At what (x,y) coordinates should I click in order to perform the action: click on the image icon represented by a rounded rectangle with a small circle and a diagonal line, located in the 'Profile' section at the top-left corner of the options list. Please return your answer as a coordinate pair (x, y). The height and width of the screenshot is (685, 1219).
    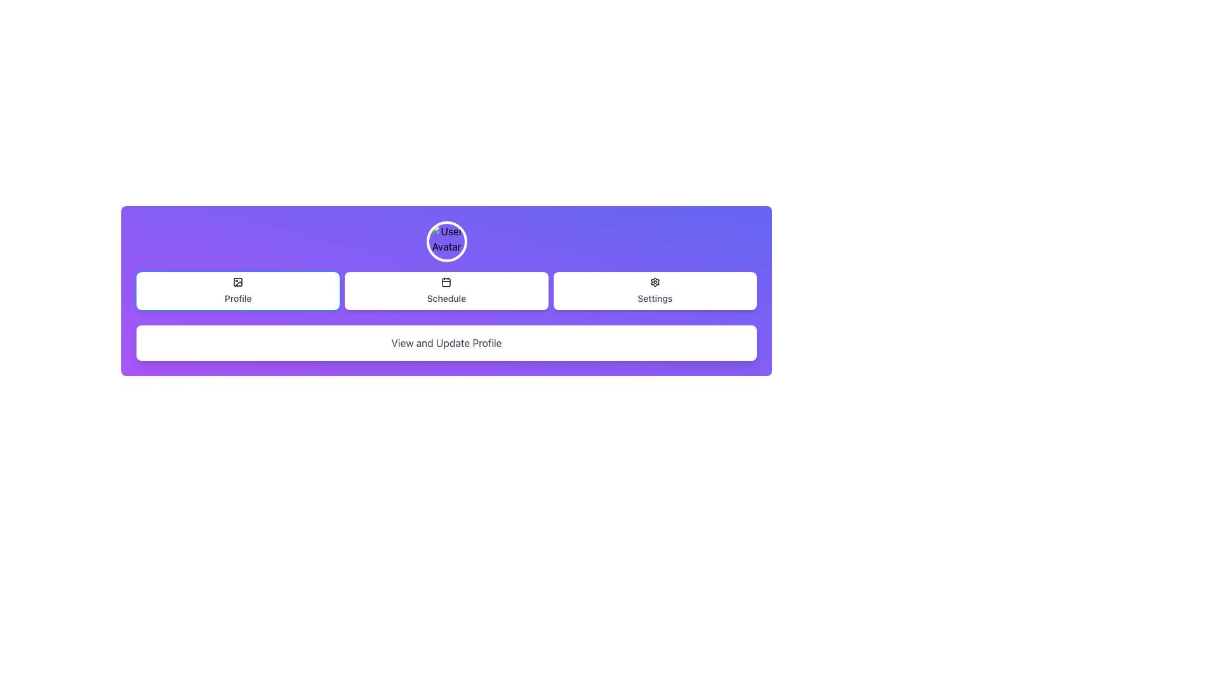
    Looking at the image, I should click on (238, 281).